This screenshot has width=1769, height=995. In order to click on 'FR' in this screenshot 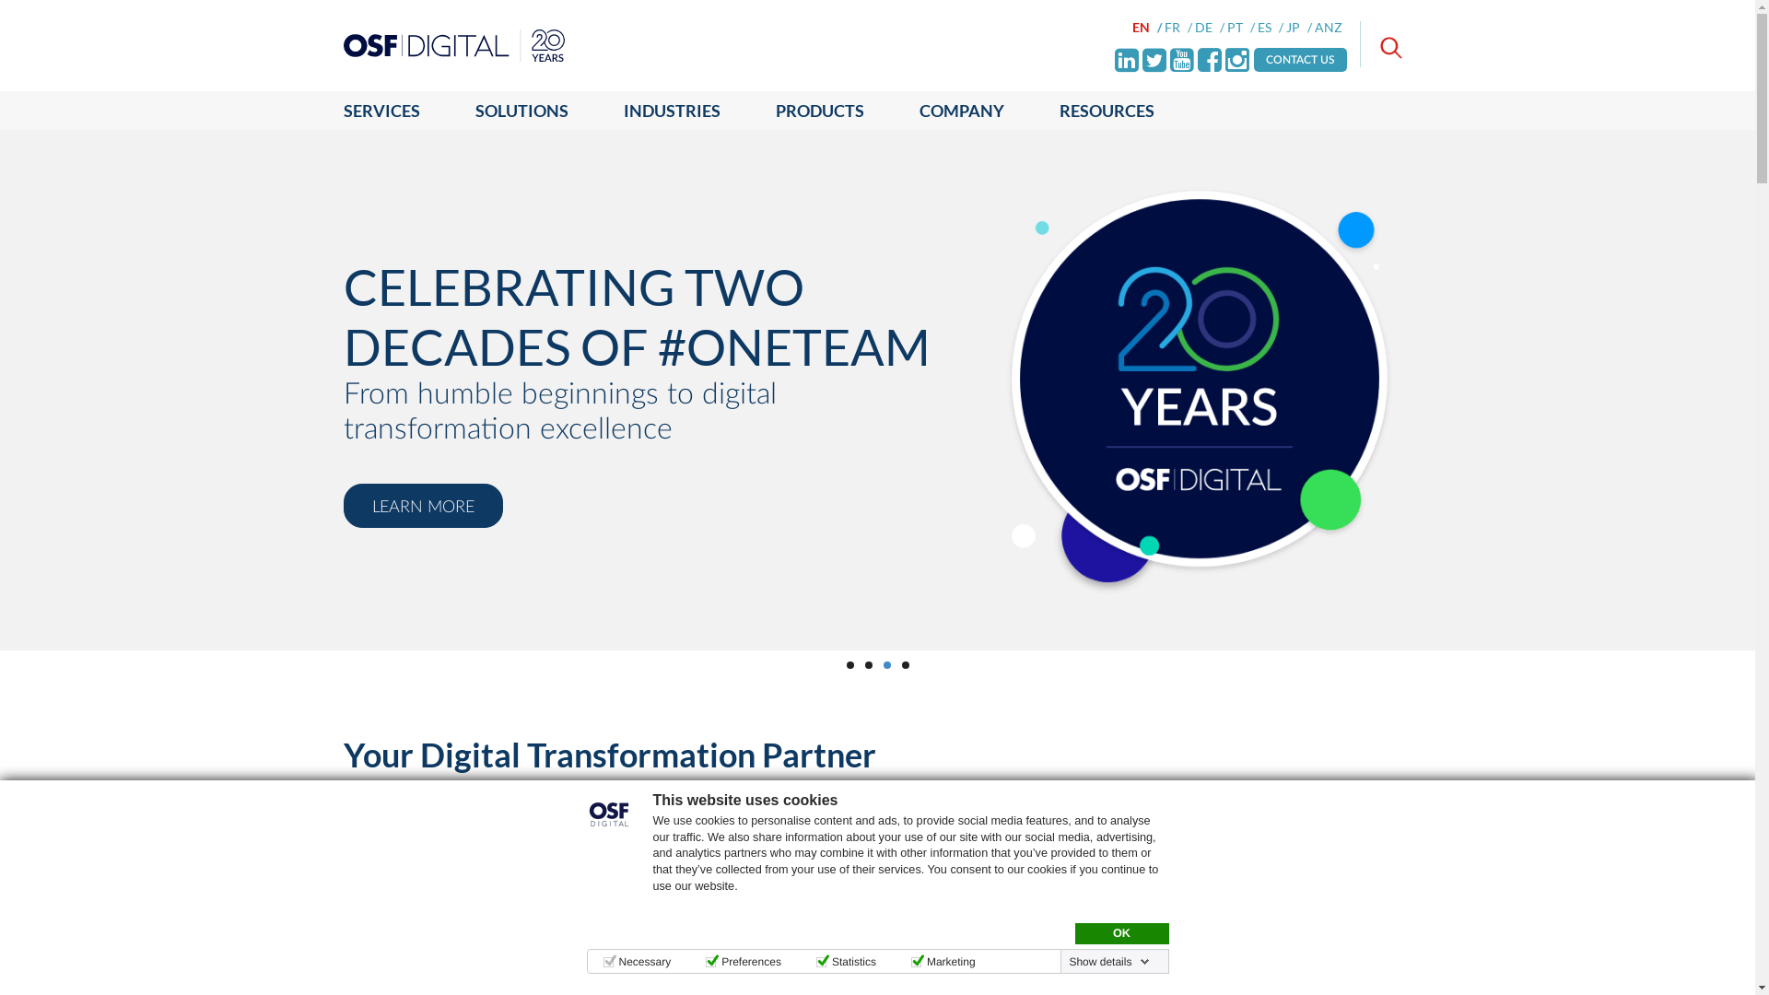, I will do `click(1177, 27)`.